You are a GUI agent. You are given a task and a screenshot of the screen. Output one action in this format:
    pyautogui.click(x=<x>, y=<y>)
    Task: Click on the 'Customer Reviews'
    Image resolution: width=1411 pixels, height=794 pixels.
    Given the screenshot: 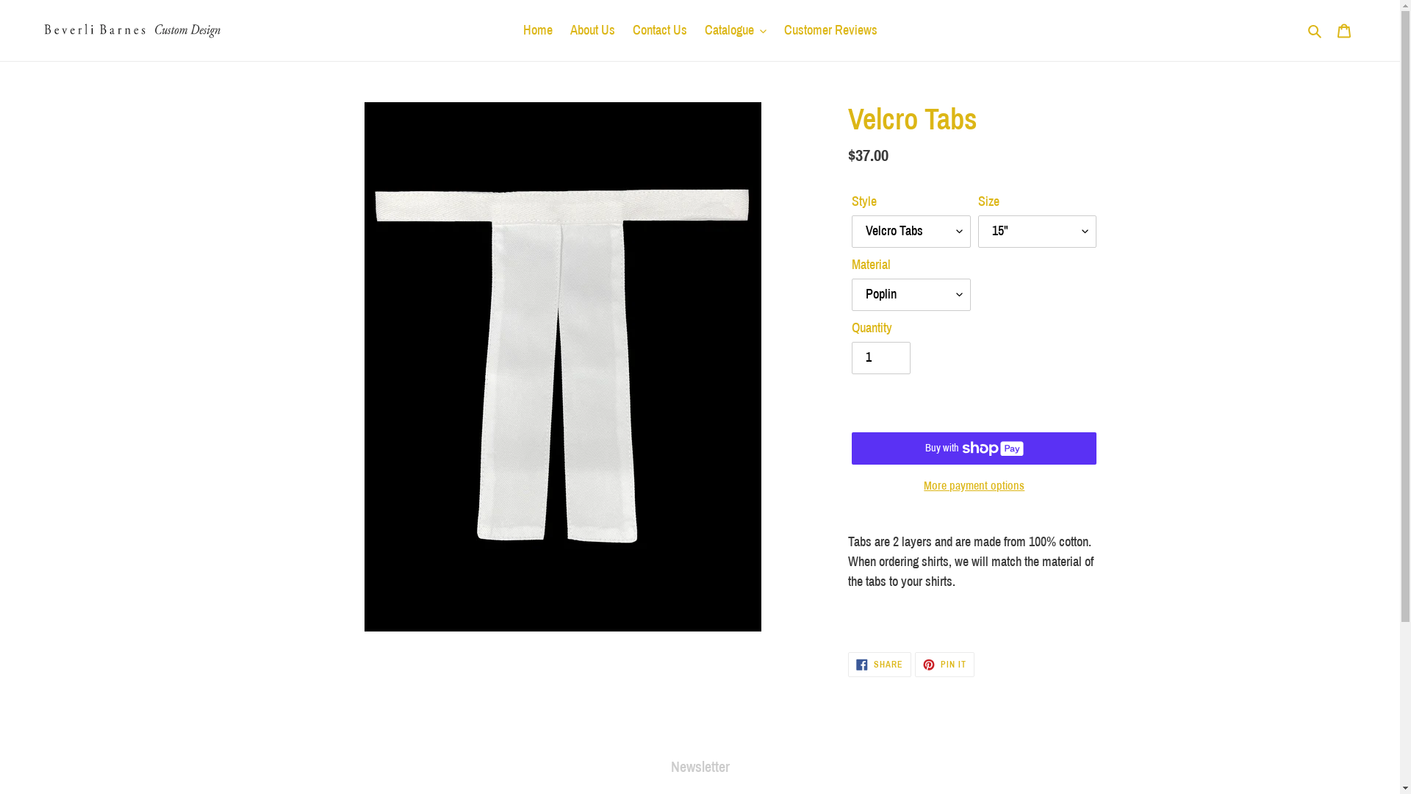 What is the action you would take?
    pyautogui.click(x=830, y=30)
    